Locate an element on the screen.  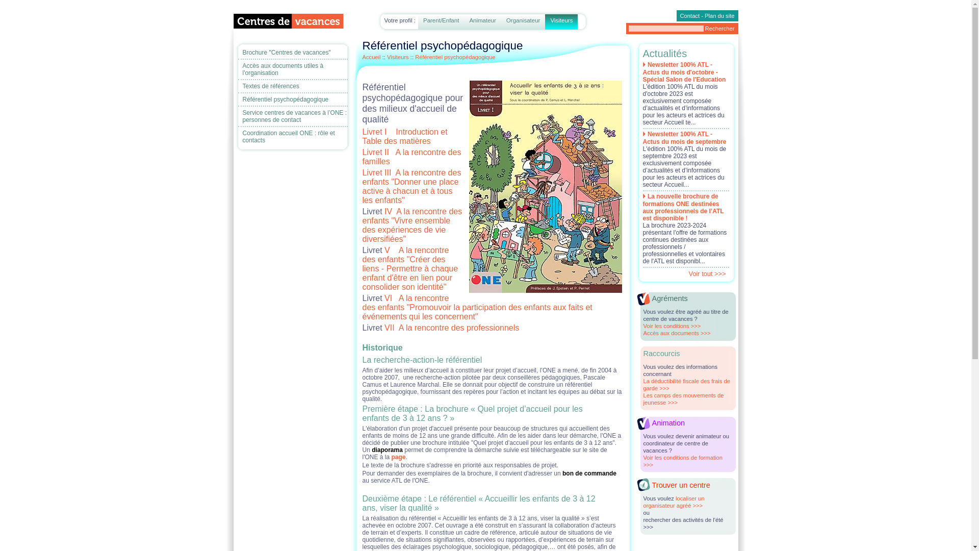
'Parent/Enfant' is located at coordinates (441, 24).